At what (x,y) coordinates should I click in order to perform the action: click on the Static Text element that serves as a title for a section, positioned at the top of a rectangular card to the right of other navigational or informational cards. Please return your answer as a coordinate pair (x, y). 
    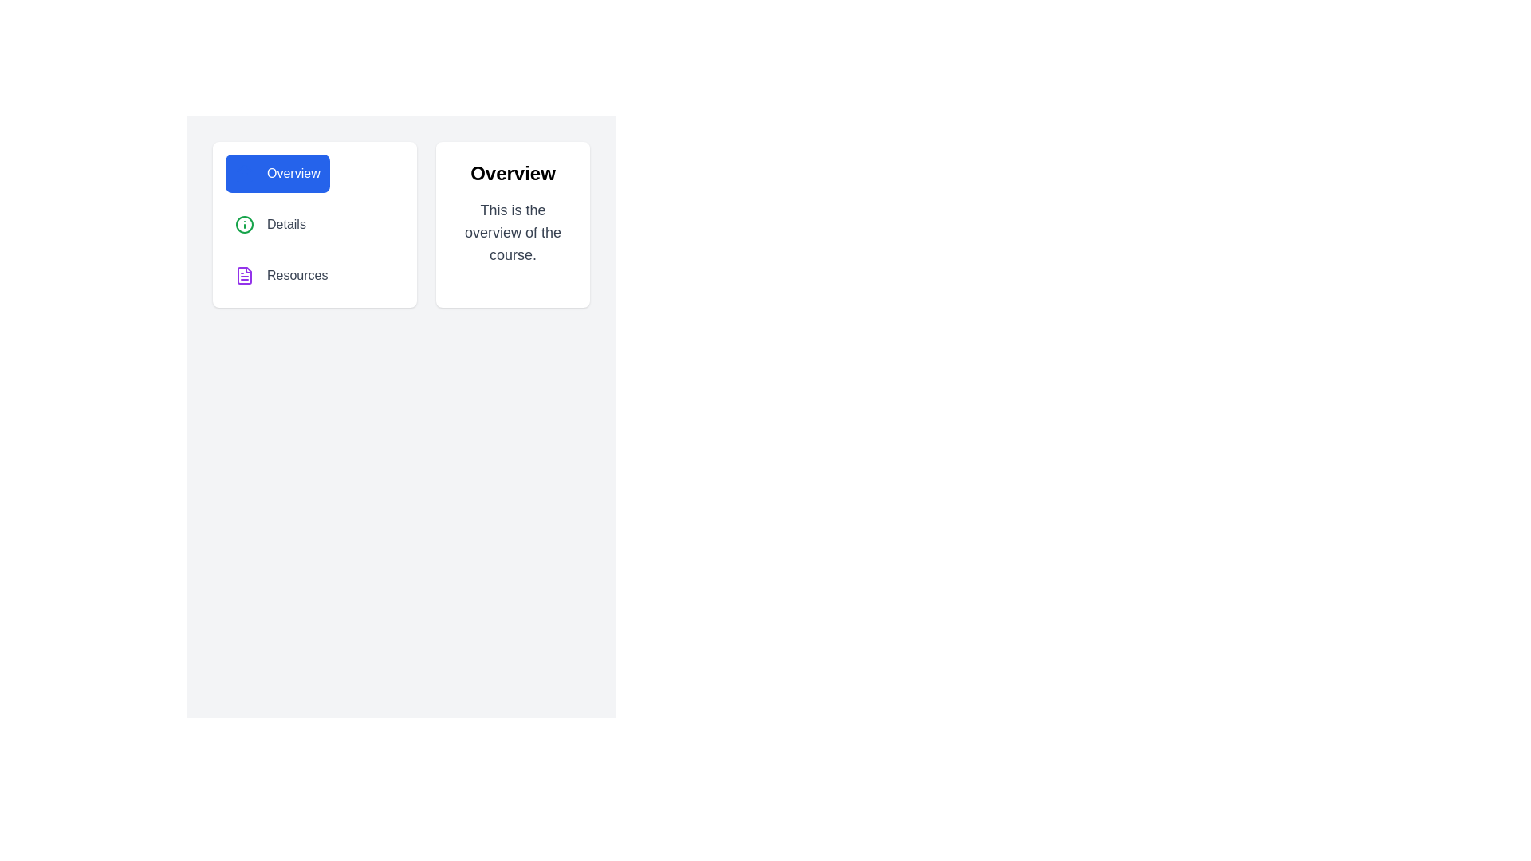
    Looking at the image, I should click on (513, 174).